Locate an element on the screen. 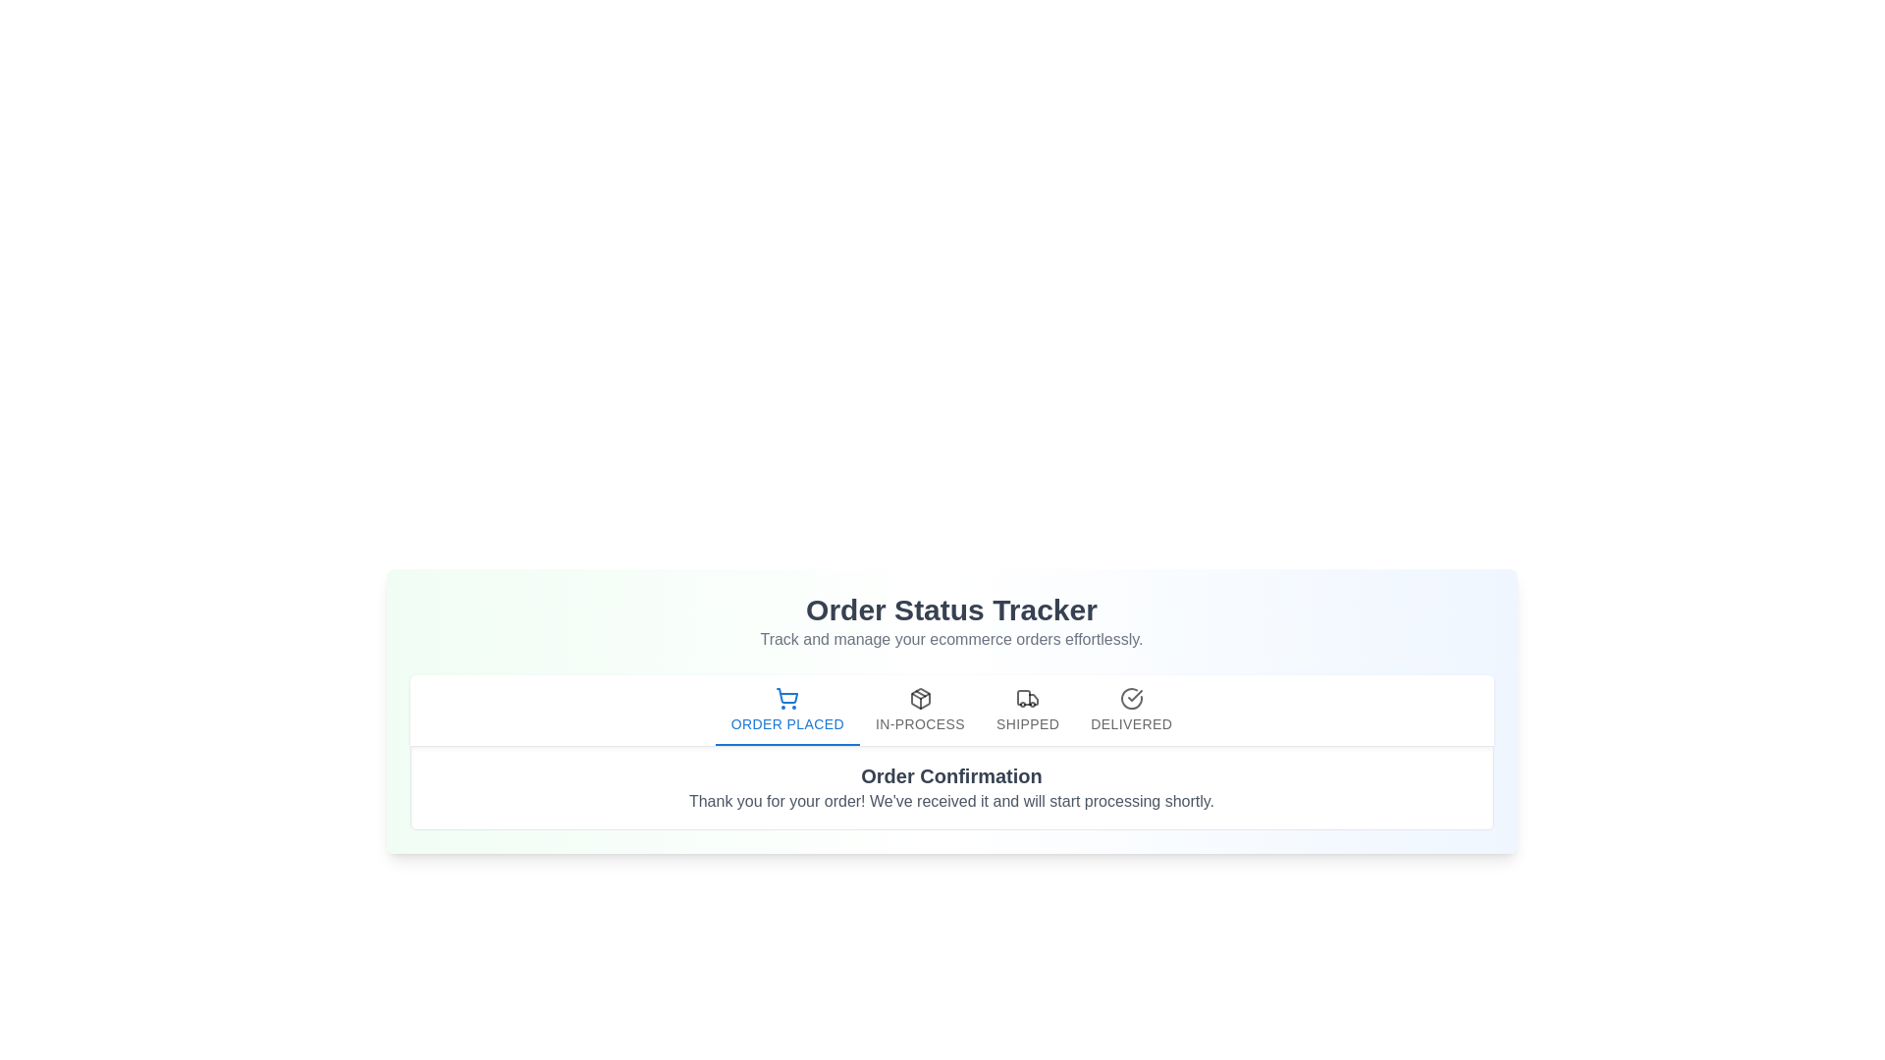  the large, bold text label reading 'Order Status Tracker', which is prominently displayed above the subtitle is located at coordinates (951, 609).